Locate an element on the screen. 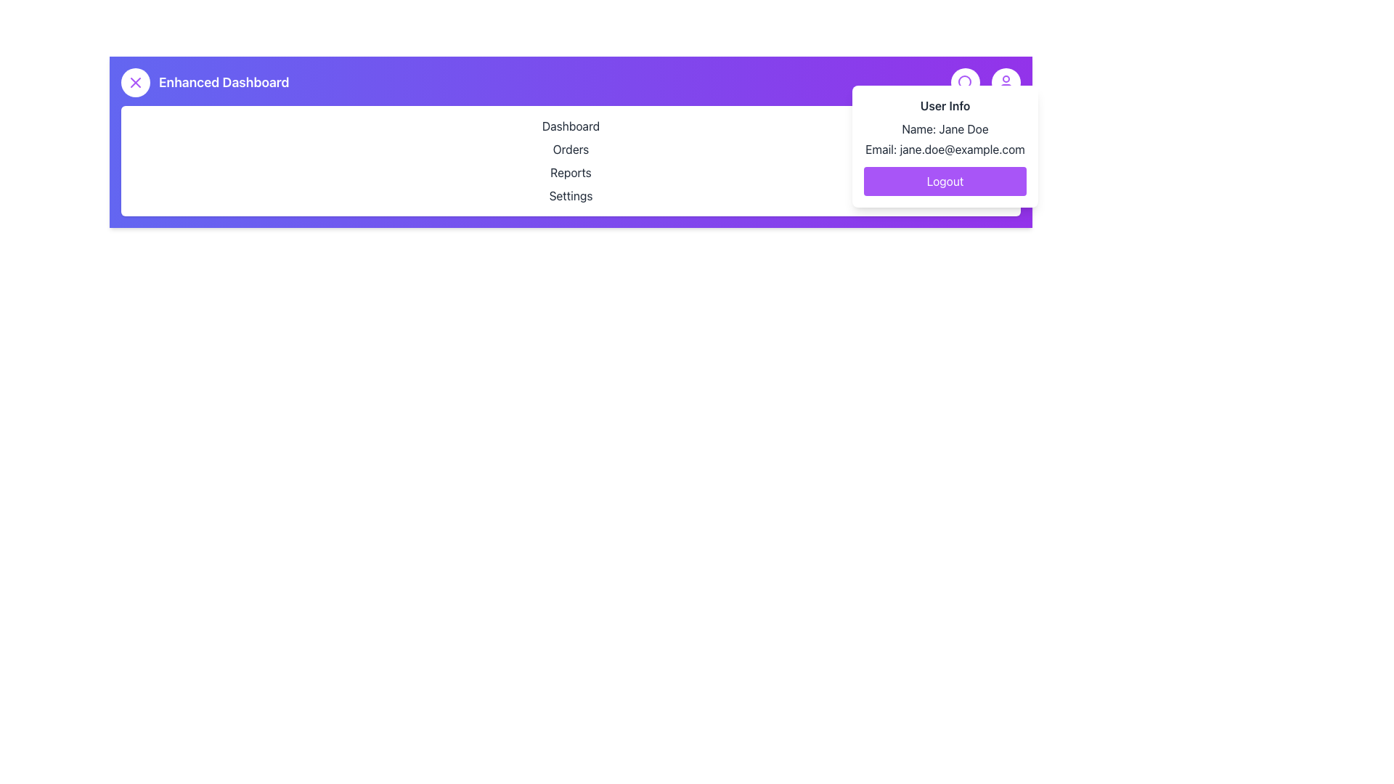 The image size is (1394, 784). the circular button with a white background, purple border, and keyhole icon located in the upper right corner of the interface is located at coordinates (965, 83).